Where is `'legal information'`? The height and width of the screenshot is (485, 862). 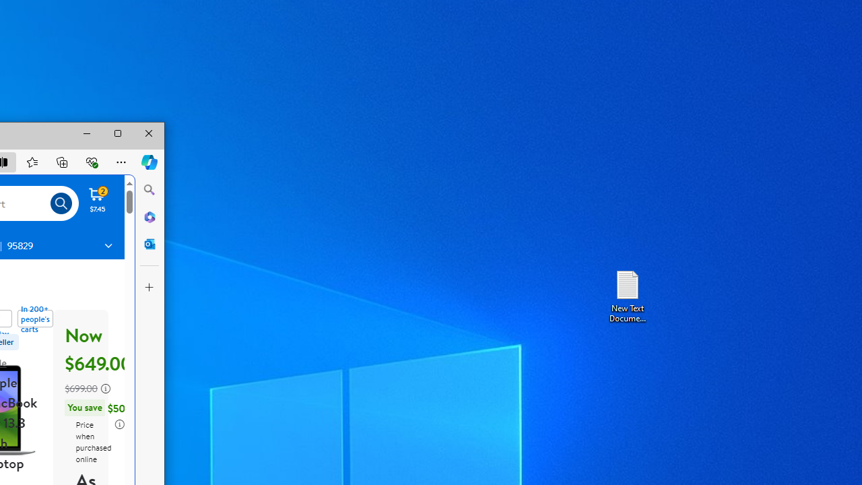
'legal information' is located at coordinates (119, 424).